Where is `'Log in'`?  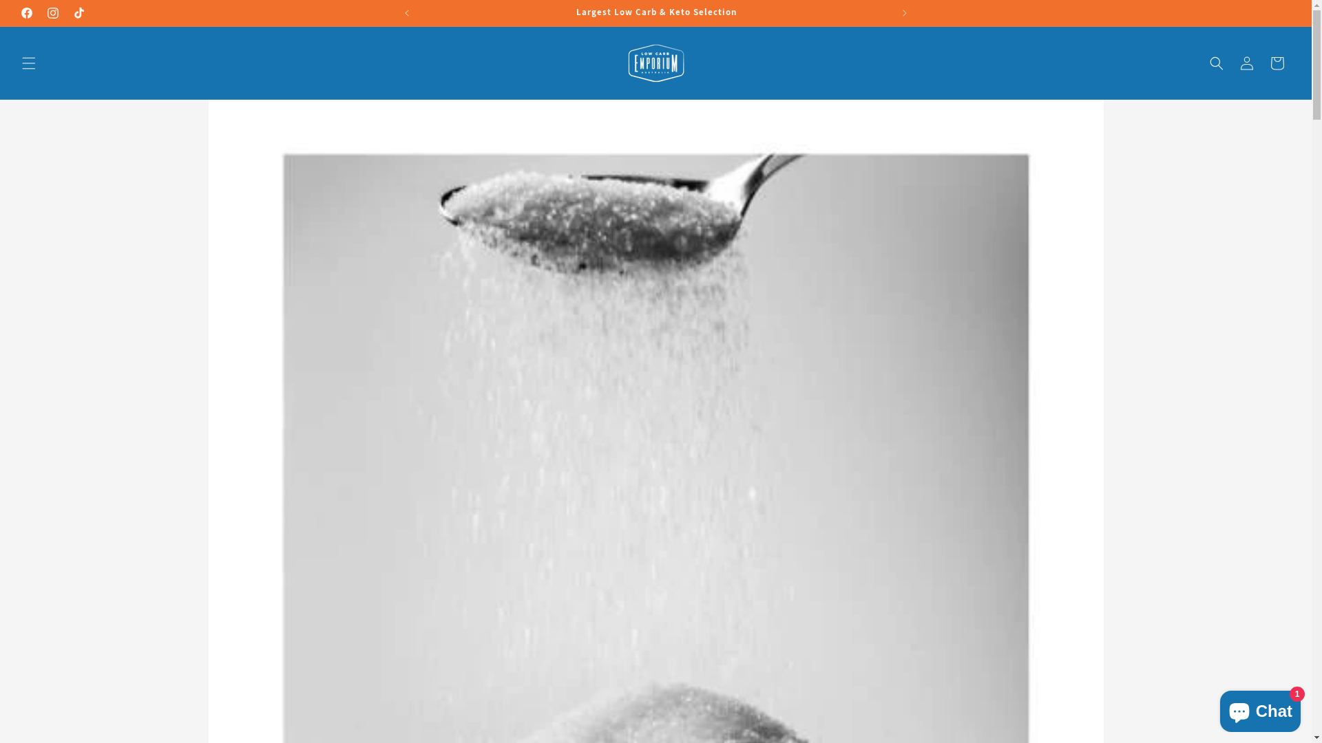
'Log in' is located at coordinates (1246, 63).